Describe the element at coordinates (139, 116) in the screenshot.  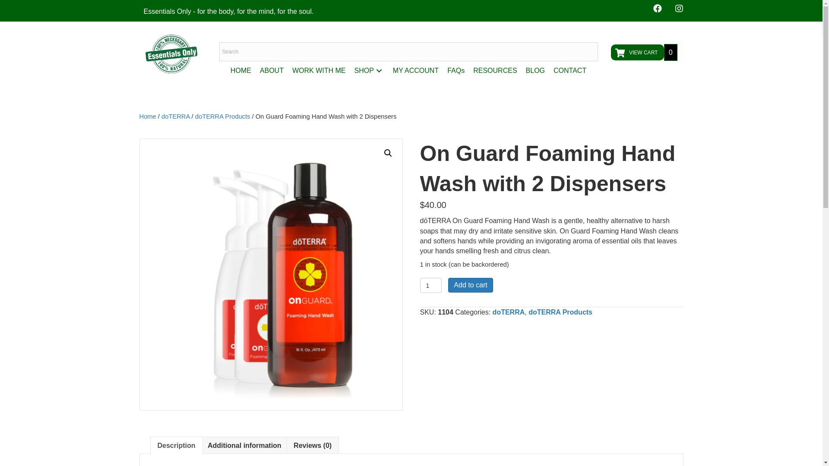
I see `'Home'` at that location.